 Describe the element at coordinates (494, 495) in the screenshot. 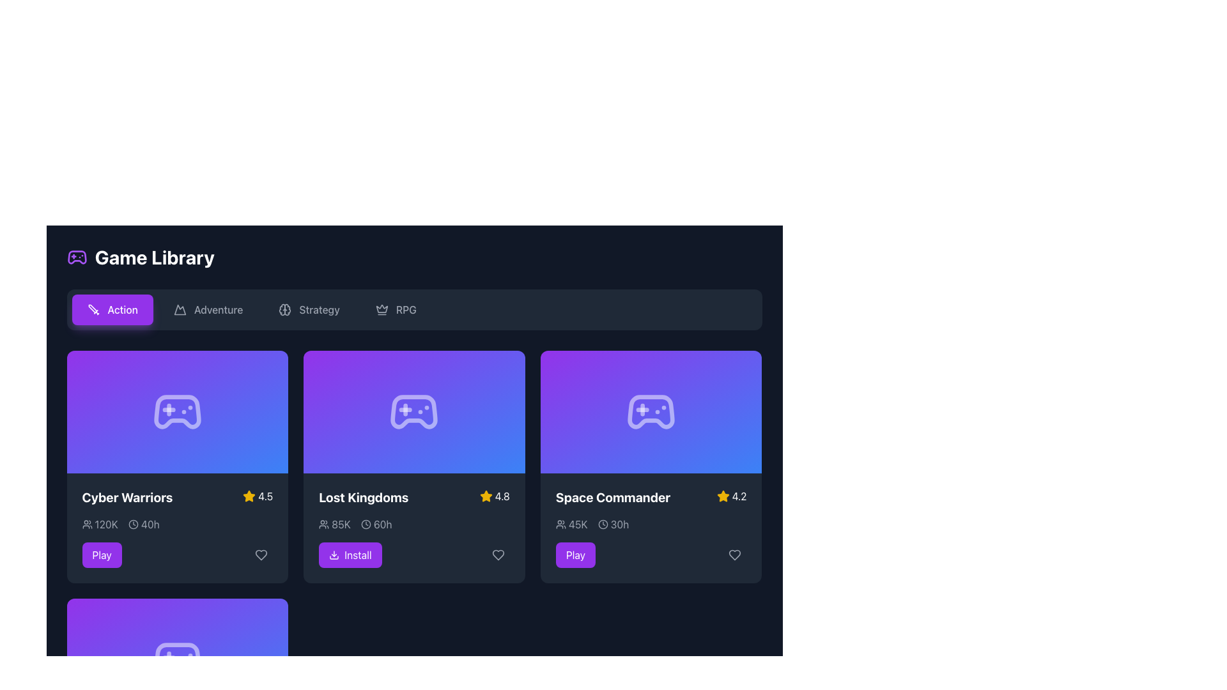

I see `the rating indicator for the 'Lost Kingdoms' game, which features a star icon and a numerical rating value, located in the top-right corner of the game card` at that location.